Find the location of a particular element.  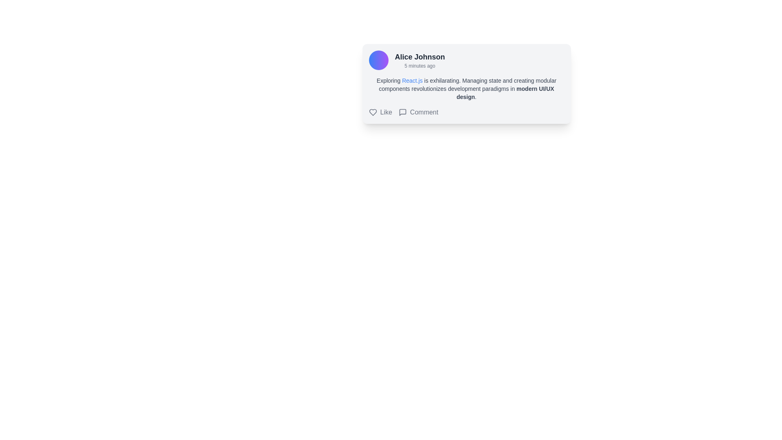

the timestamp text label that indicates when the event occurred, positioned to the right of the 'Alice Johnson' label and as the second text element in the vertical sequence is located at coordinates (420, 66).